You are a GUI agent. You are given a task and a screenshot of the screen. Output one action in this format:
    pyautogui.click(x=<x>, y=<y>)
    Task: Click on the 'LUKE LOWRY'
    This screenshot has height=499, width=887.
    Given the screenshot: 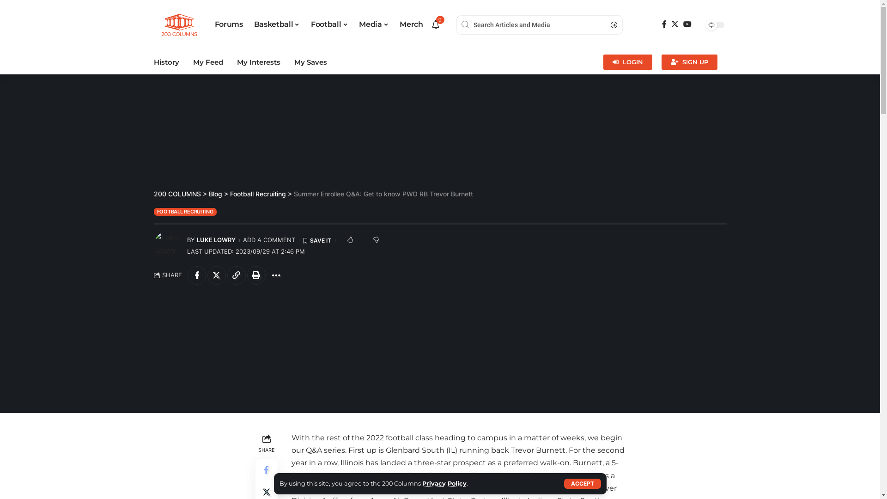 What is the action you would take?
    pyautogui.click(x=196, y=240)
    